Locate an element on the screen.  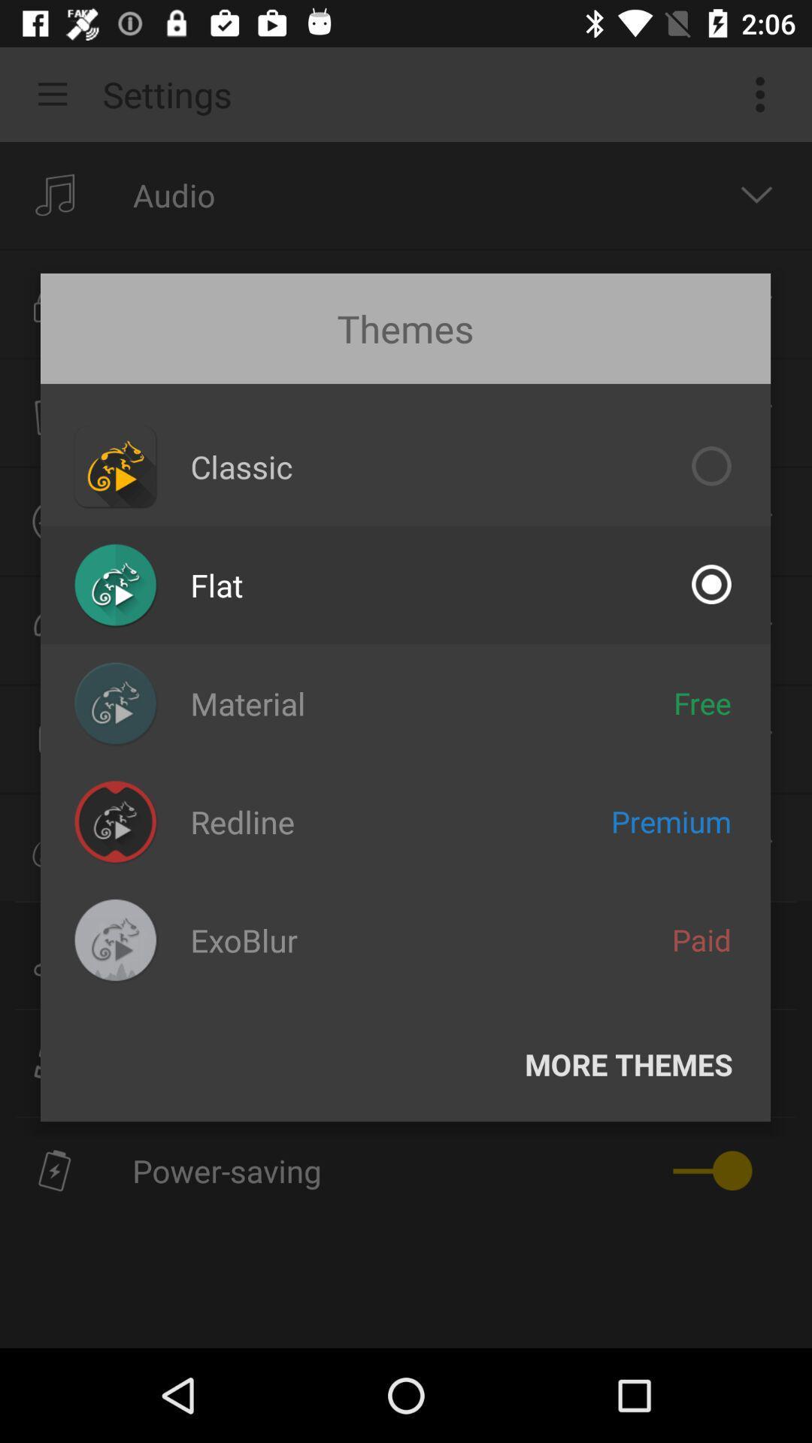
the item to the left of premium item is located at coordinates (241, 821).